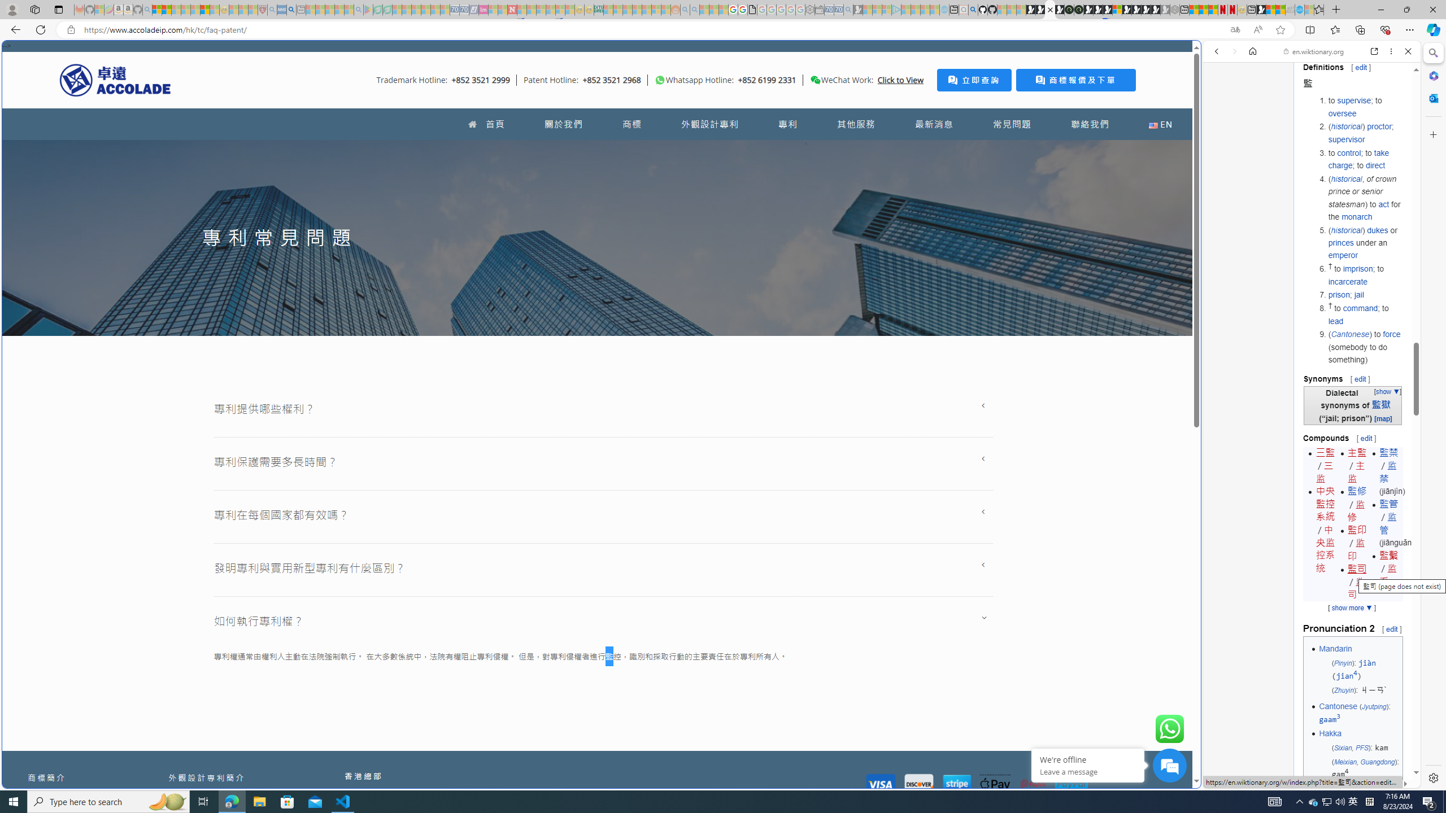  What do you see at coordinates (281, 9) in the screenshot?
I see `'NCL Adult Asthma Inhaler Choice Guideline - Sleeping'` at bounding box center [281, 9].